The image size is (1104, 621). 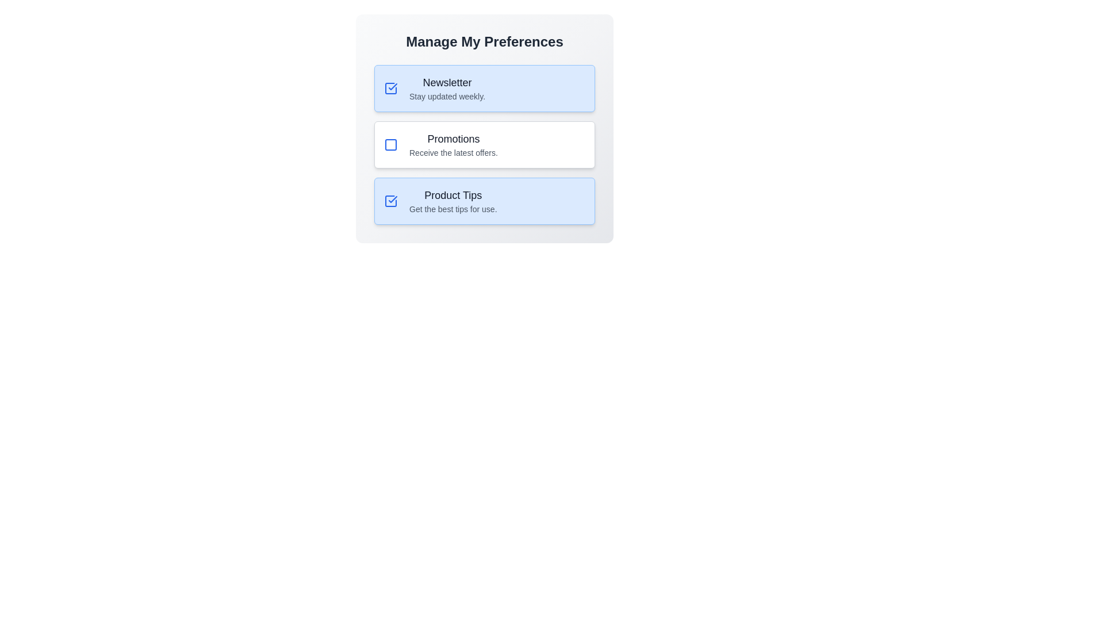 I want to click on the Checkbox Frame, which is an outlined square with rounded corners located next to the 'Newsletter' text label in the first row of the preference management list, so click(x=391, y=201).